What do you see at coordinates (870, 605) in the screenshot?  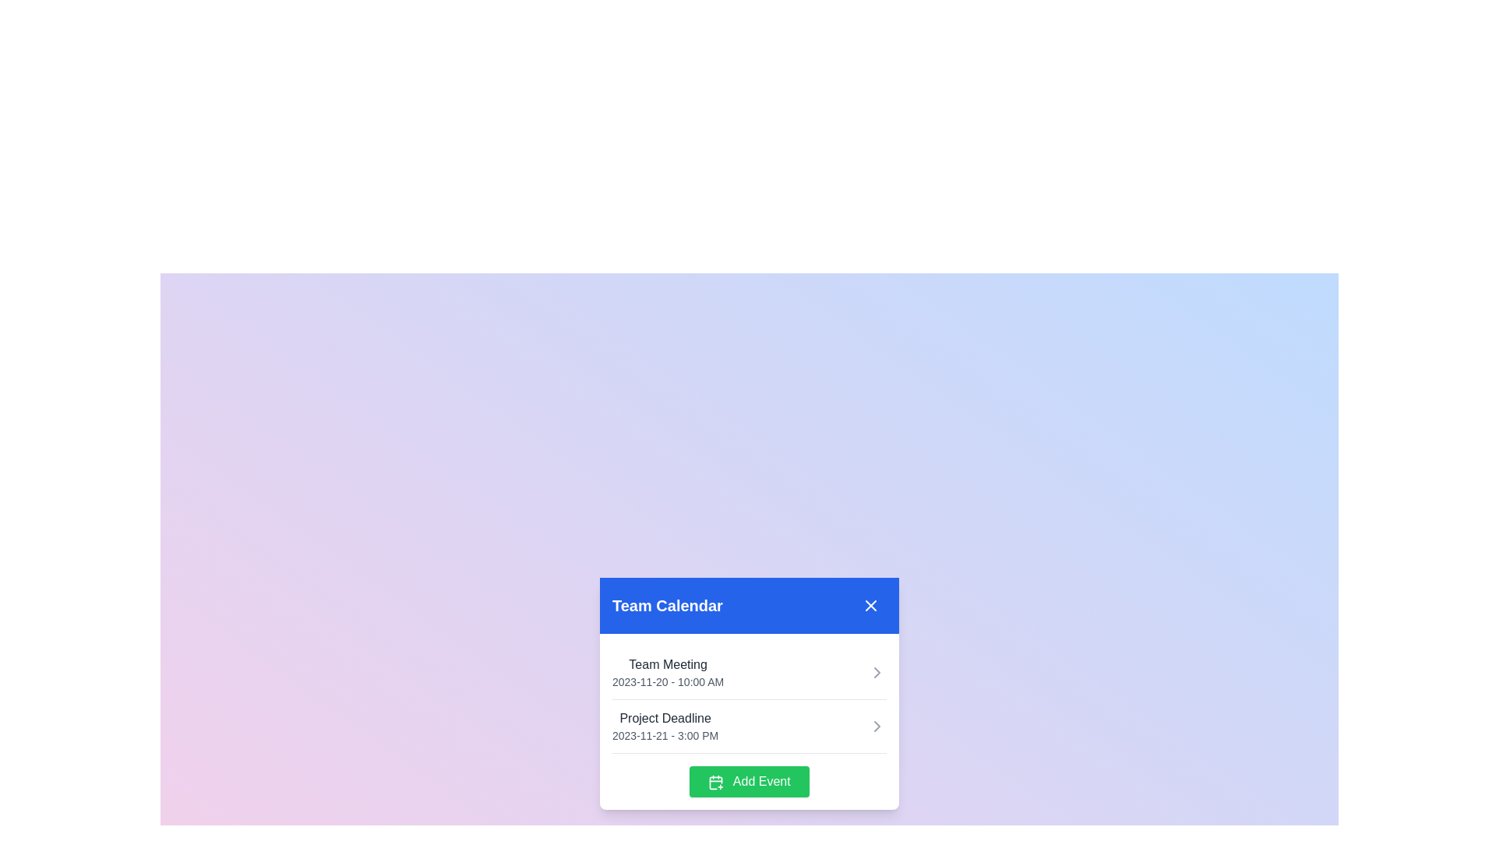 I see `the close button to close the dialog` at bounding box center [870, 605].